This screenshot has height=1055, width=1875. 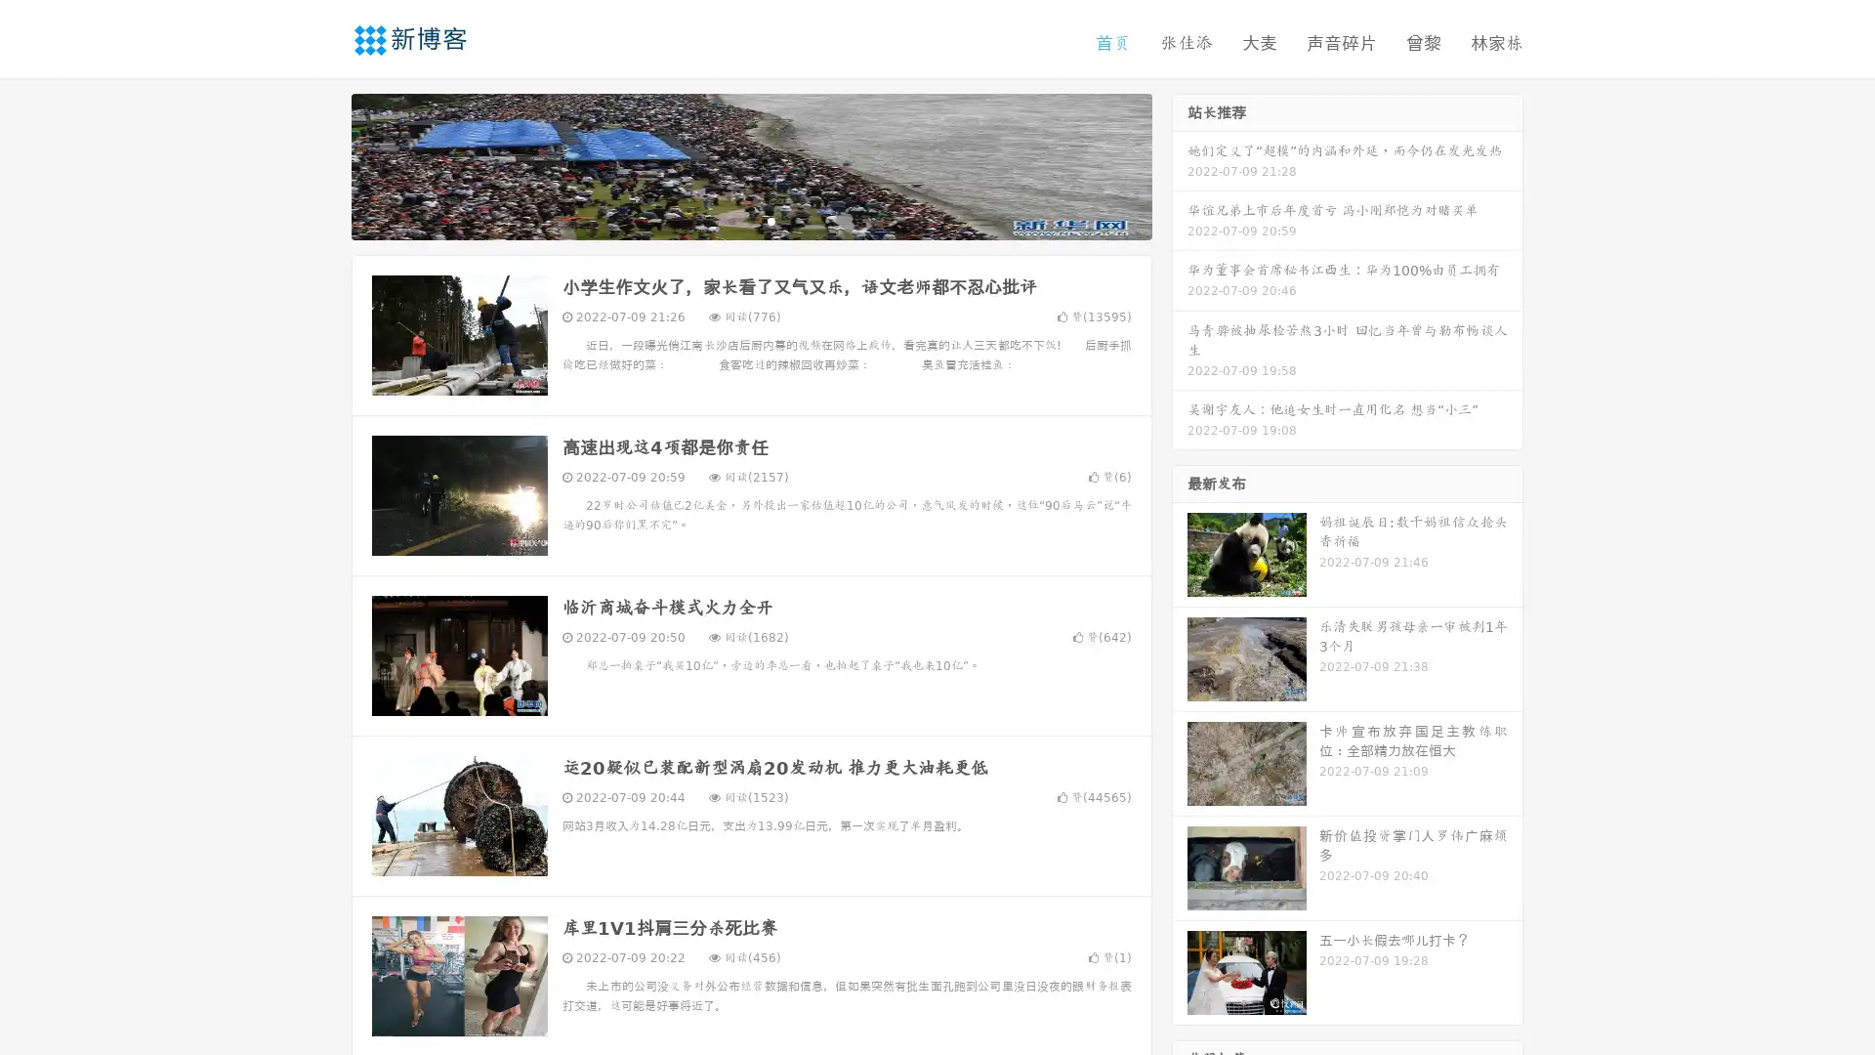 What do you see at coordinates (1180, 164) in the screenshot?
I see `Next slide` at bounding box center [1180, 164].